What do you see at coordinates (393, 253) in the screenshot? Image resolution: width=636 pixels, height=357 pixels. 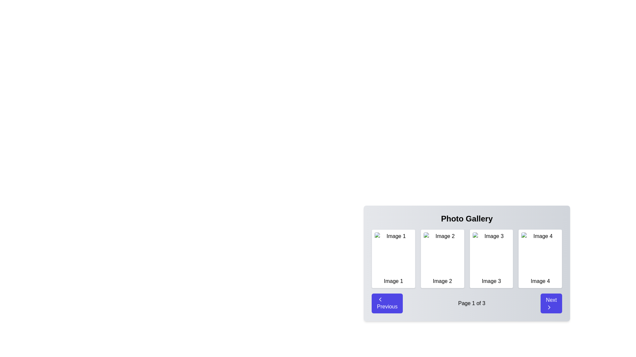 I see `the image placeholder labeled 'Image 1' located at the top section of the first card in a horizontally aligned gallery` at bounding box center [393, 253].